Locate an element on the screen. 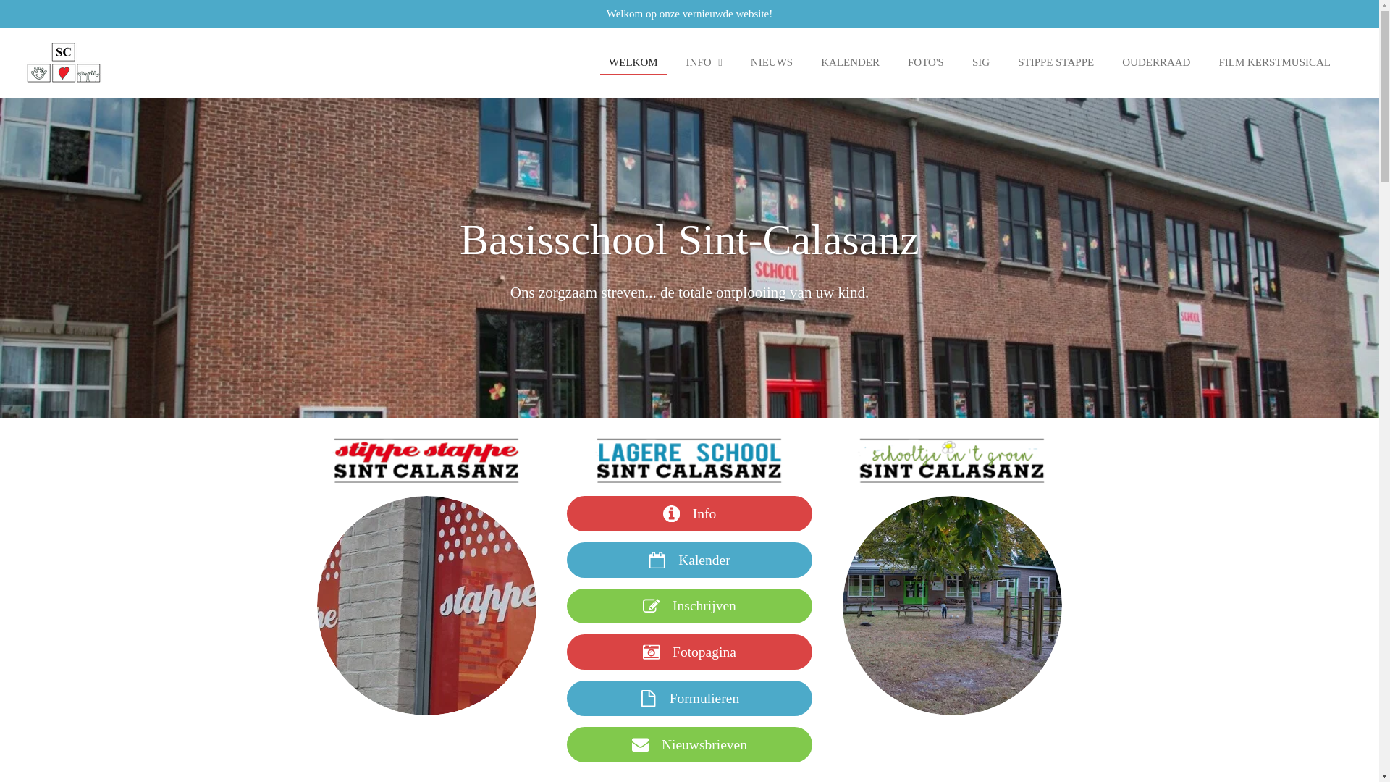 The width and height of the screenshot is (1390, 782). 'STIPPE STAPPE' is located at coordinates (1056, 62).